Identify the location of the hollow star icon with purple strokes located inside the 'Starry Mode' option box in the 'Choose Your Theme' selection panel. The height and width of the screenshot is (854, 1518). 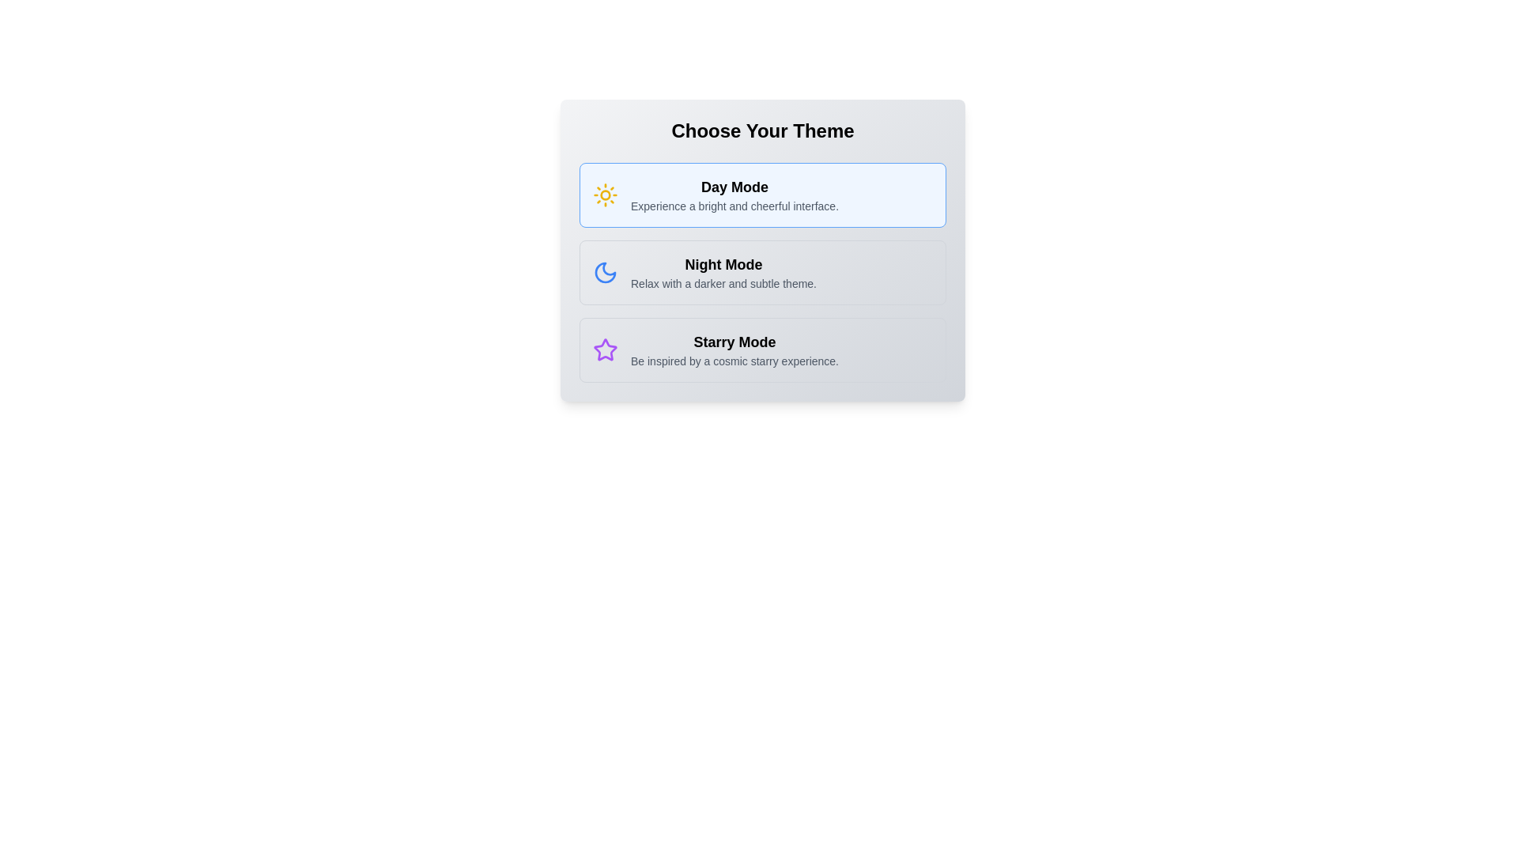
(605, 349).